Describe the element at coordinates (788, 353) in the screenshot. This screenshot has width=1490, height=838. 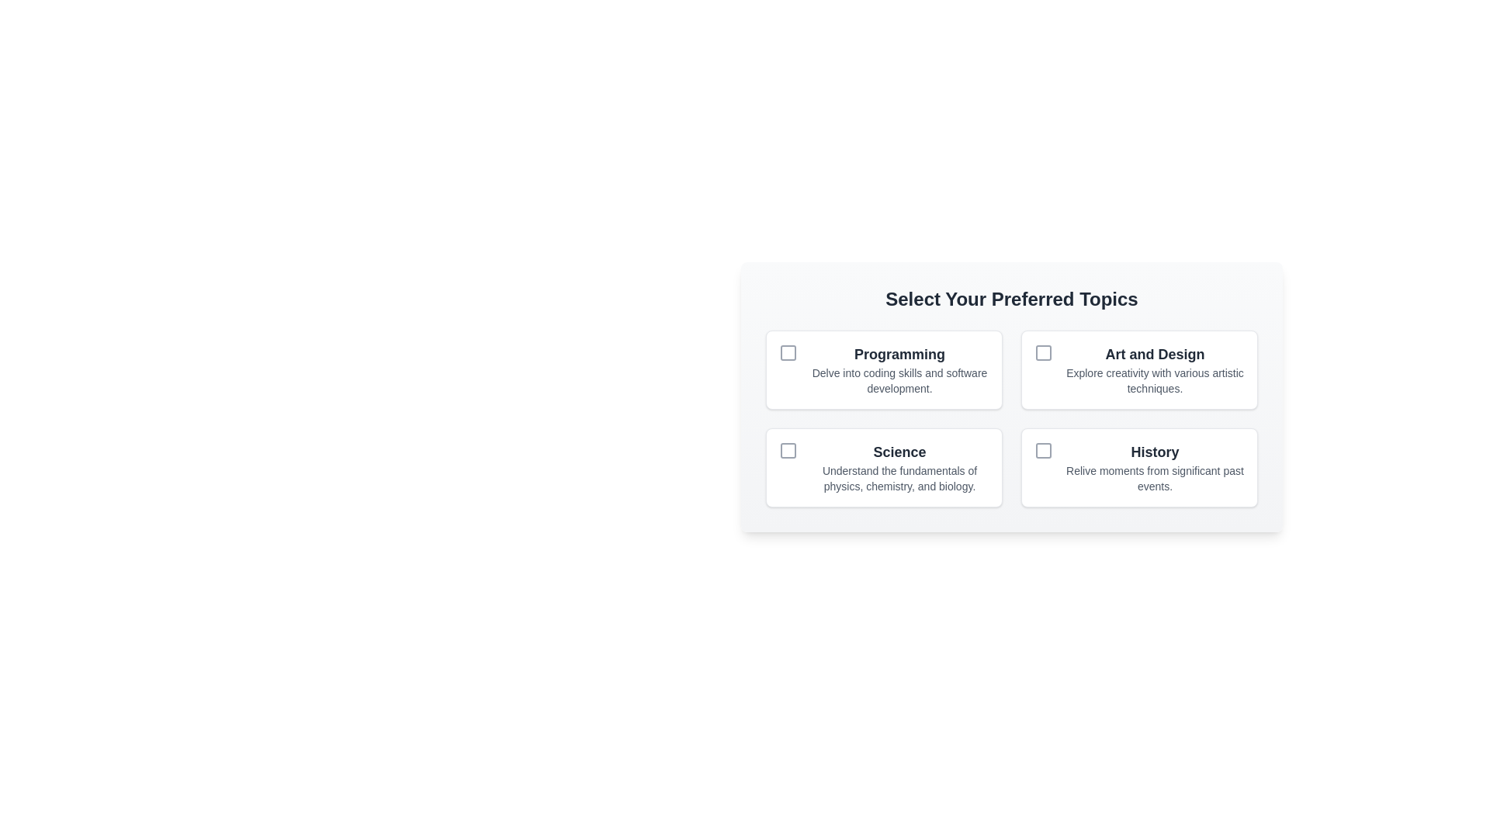
I see `the checkbox located in the upper-left corner of the 'Programming' option card` at that location.